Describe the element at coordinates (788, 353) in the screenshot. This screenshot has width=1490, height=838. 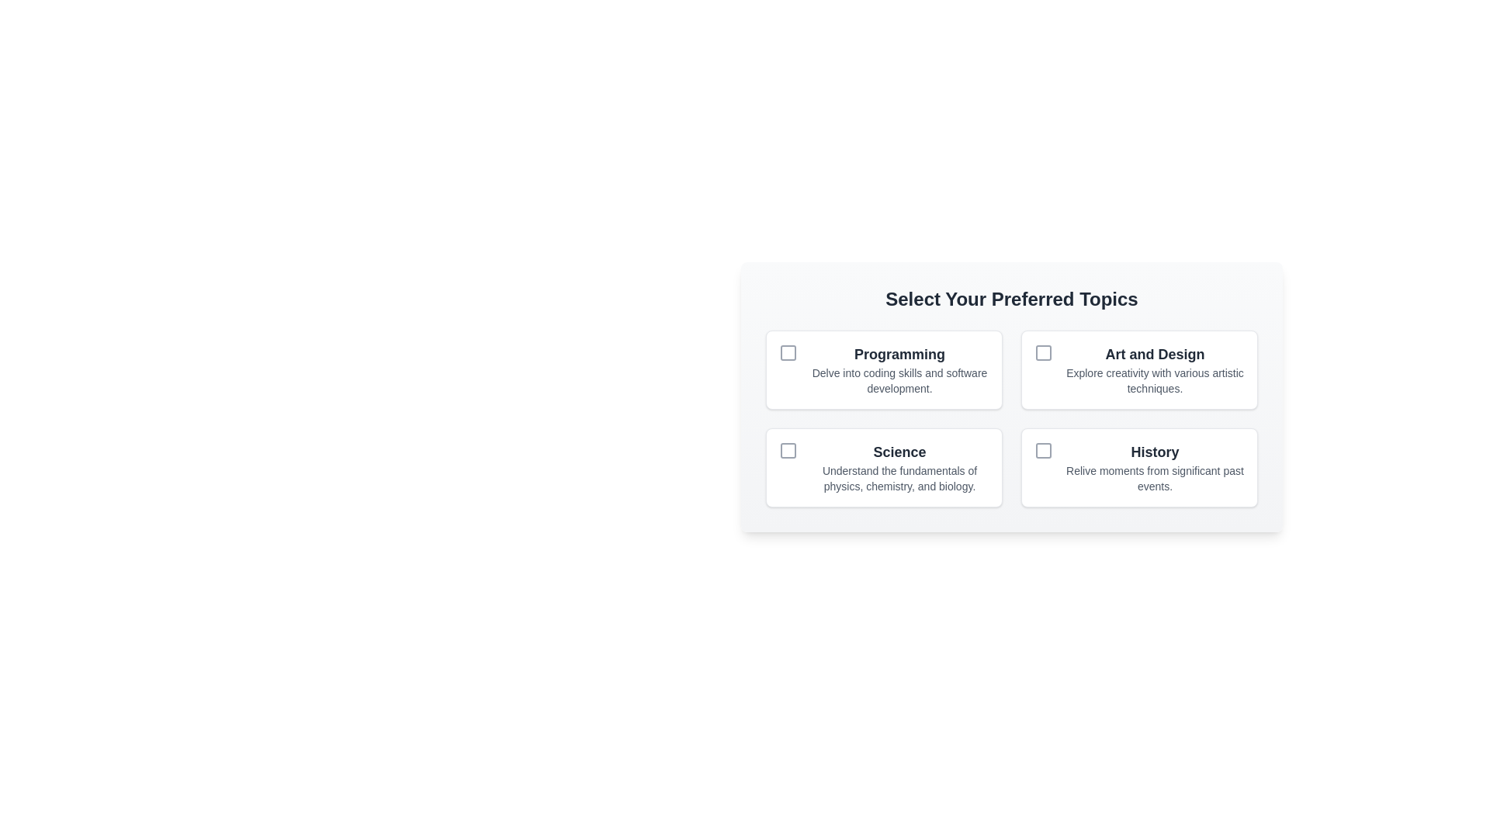
I see `the checkbox located in the upper-left corner of the 'Programming' option card` at that location.